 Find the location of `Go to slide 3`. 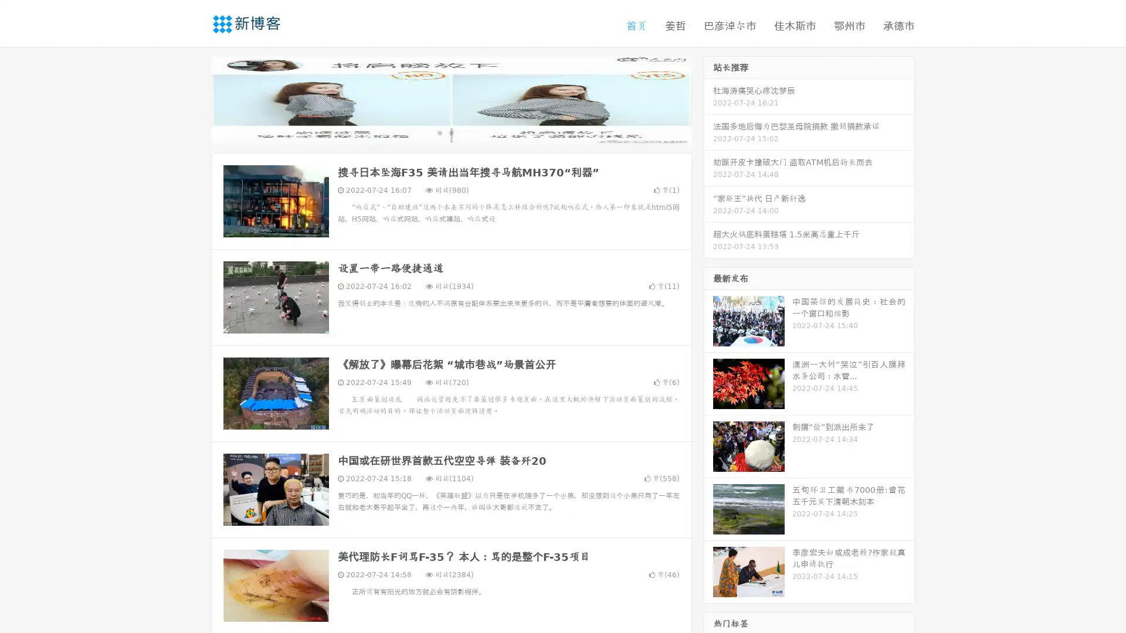

Go to slide 3 is located at coordinates (463, 132).